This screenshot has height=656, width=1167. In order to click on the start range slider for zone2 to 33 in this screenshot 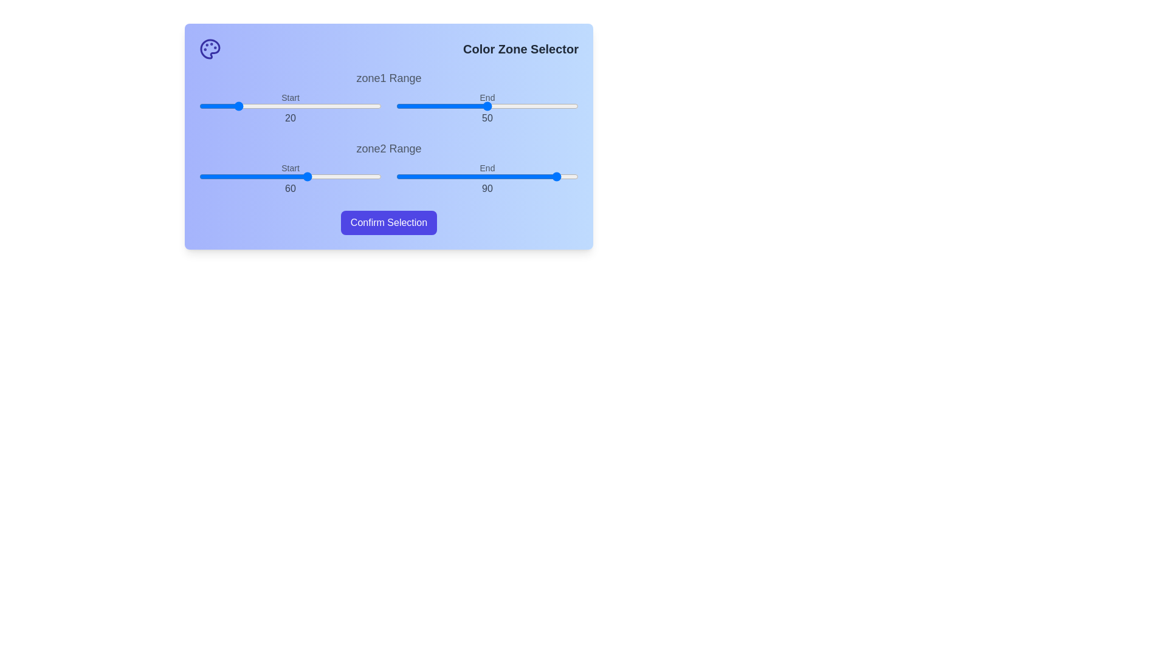, I will do `click(259, 176)`.